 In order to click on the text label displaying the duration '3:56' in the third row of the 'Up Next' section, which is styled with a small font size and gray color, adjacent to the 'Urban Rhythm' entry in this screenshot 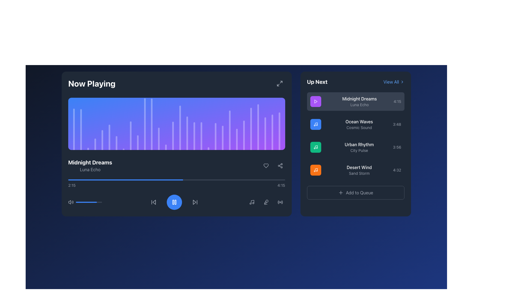, I will do `click(397, 147)`.